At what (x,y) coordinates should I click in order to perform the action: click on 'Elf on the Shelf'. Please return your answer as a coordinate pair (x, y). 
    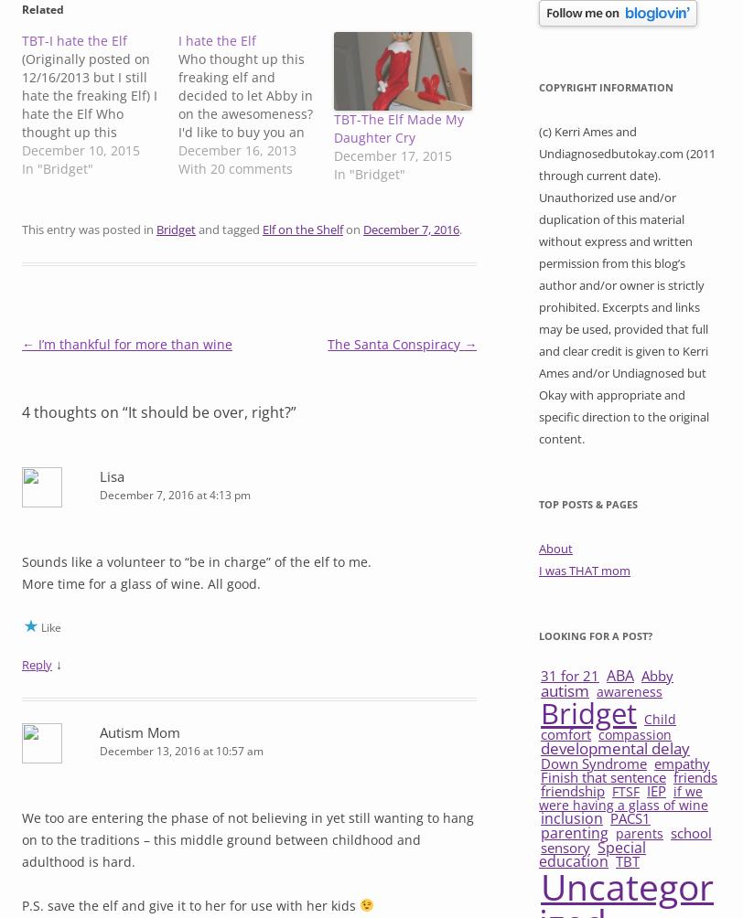
    Looking at the image, I should click on (302, 227).